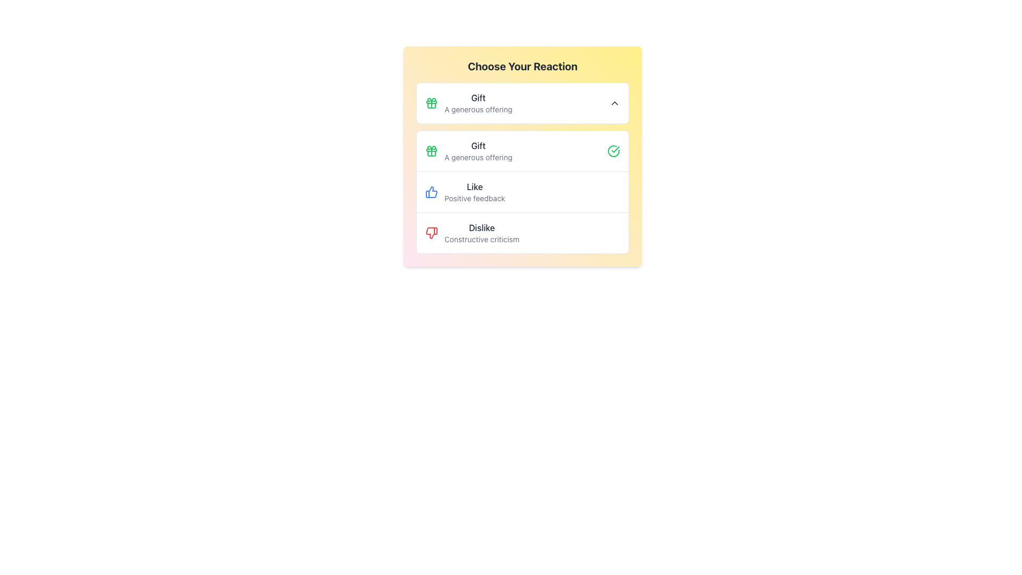 The image size is (1022, 575). Describe the element at coordinates (523, 192) in the screenshot. I see `the second list item in the reaction selection interface` at that location.